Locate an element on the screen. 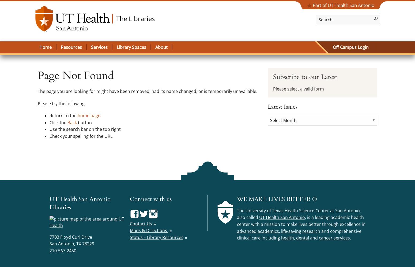 The height and width of the screenshot is (267, 415). 'Back' is located at coordinates (72, 122).